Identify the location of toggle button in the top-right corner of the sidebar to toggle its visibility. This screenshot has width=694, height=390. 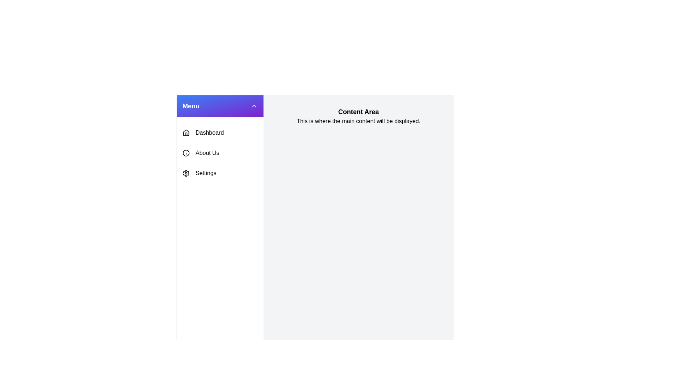
(254, 106).